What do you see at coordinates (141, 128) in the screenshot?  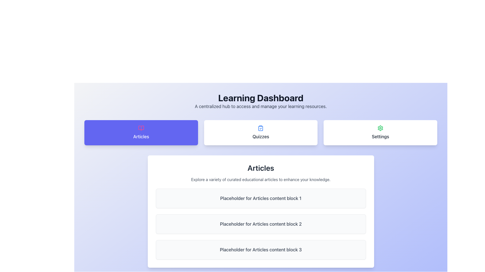 I see `the decorative icon for the 'Articles' button, which visually connects the button to its purpose of displaying articles` at bounding box center [141, 128].